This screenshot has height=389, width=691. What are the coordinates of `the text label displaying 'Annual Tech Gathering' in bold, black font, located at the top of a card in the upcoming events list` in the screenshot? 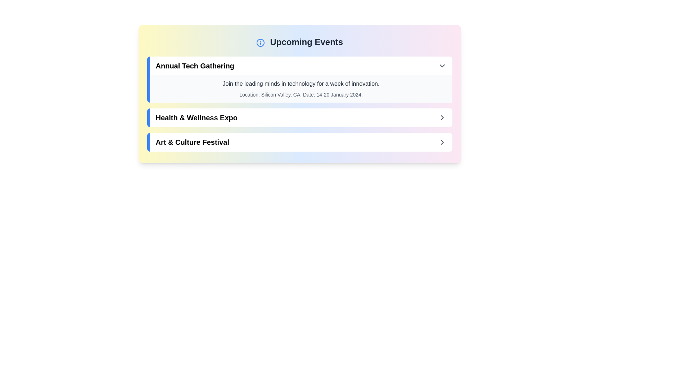 It's located at (195, 66).